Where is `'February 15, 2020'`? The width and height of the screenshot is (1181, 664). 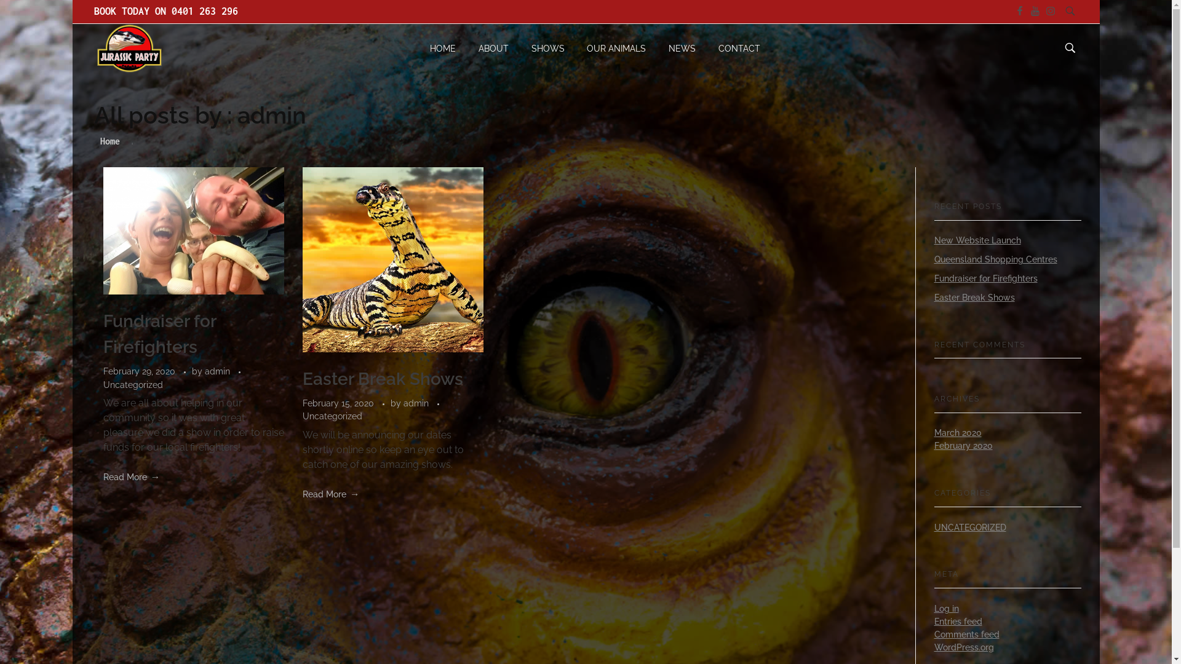
'February 15, 2020' is located at coordinates (340, 403).